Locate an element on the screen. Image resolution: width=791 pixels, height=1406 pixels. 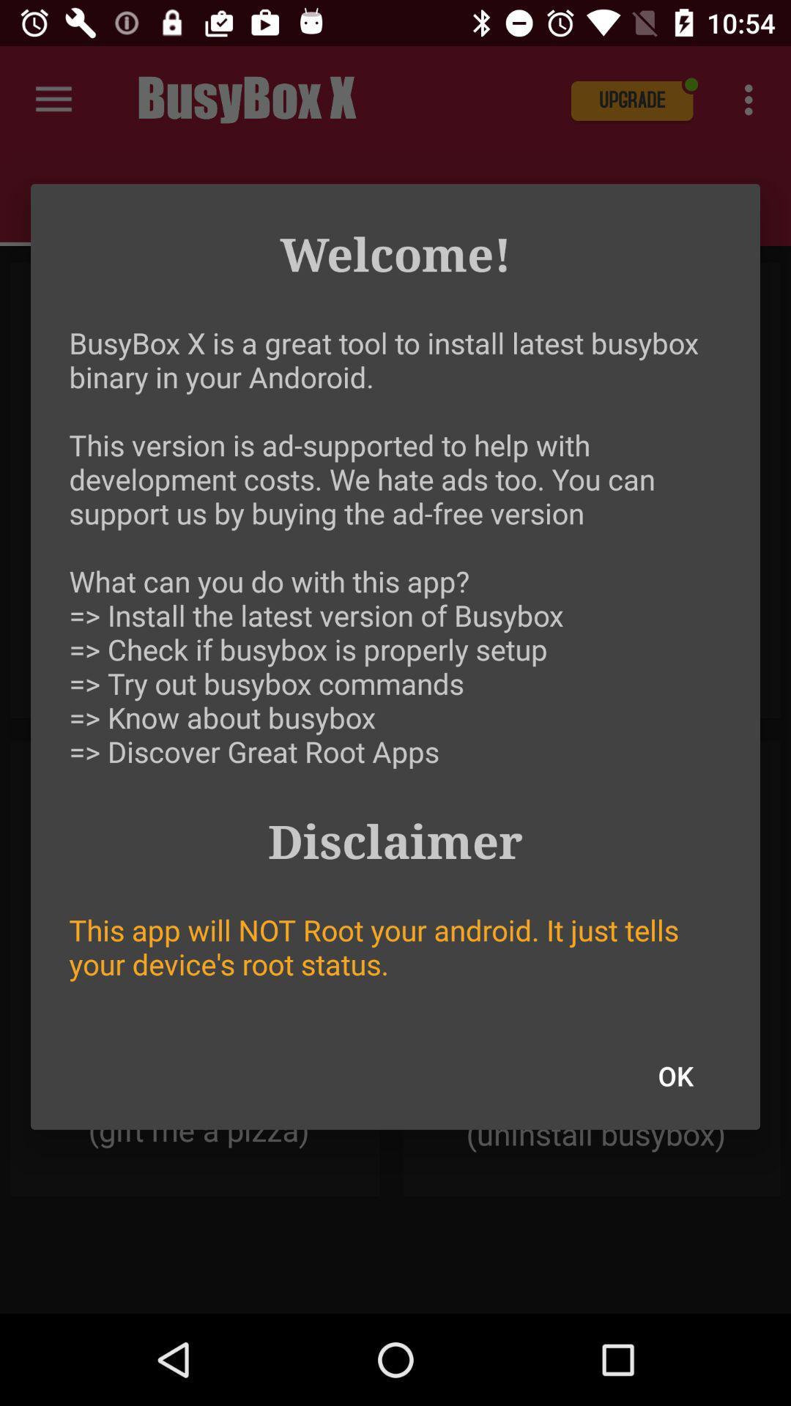
the item at the bottom right corner is located at coordinates (675, 1076).